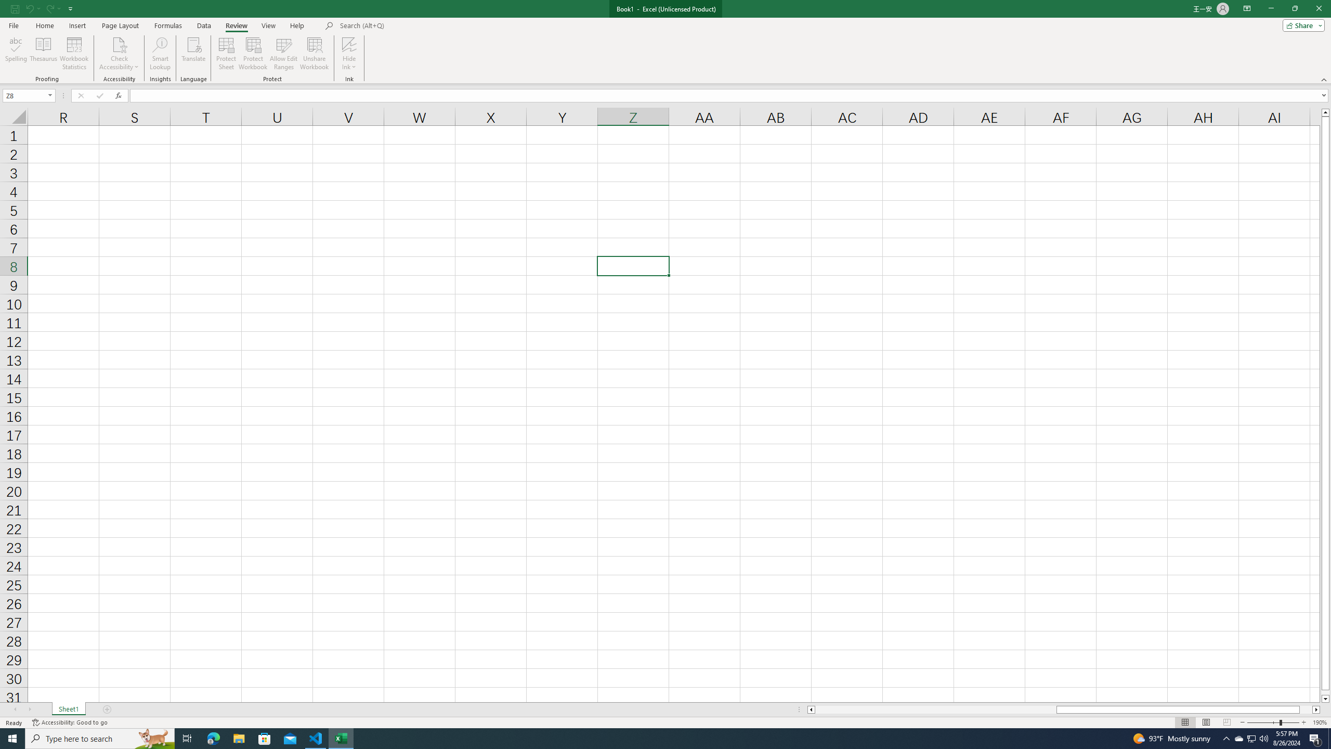  I want to click on 'Redo', so click(48, 8).